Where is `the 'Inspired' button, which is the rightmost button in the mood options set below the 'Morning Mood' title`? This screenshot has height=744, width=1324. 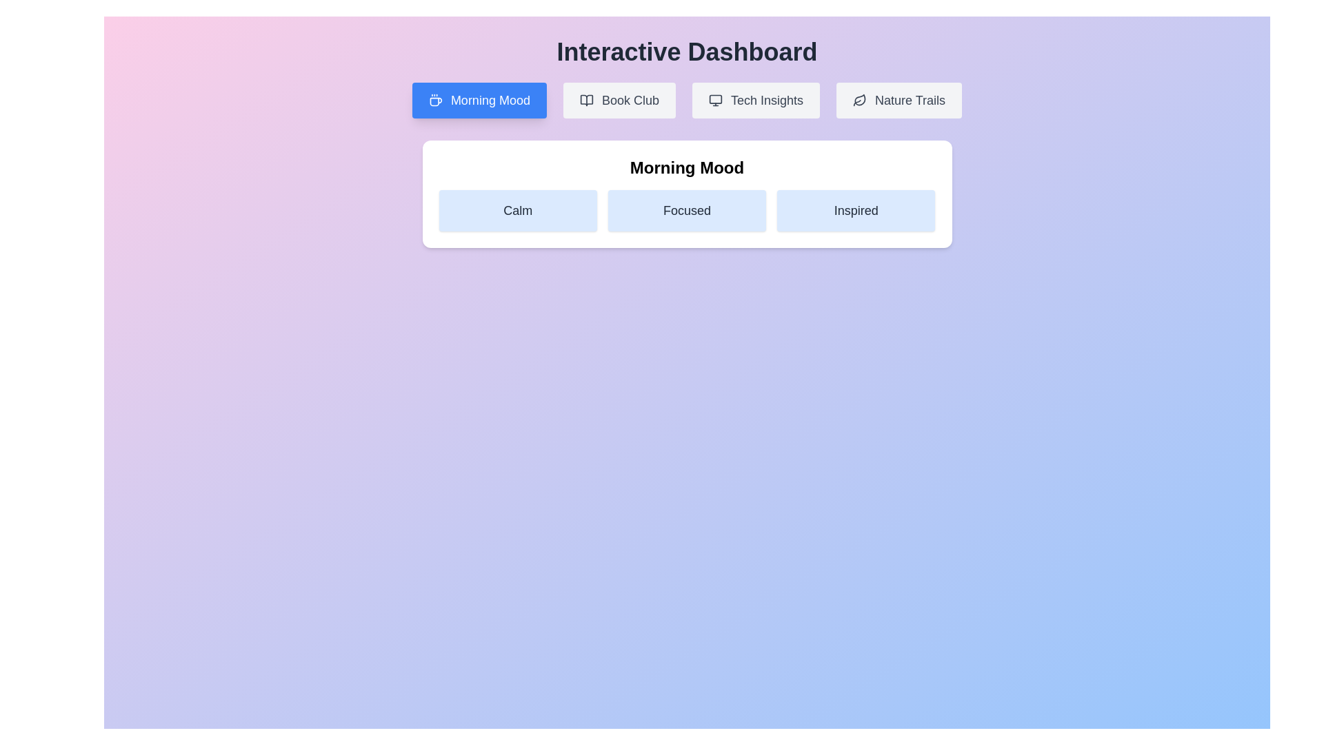 the 'Inspired' button, which is the rightmost button in the mood options set below the 'Morning Mood' title is located at coordinates (855, 210).